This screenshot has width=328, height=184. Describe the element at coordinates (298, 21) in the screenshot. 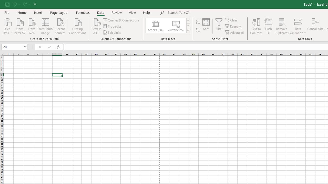

I see `'Data Validation...'` at that location.